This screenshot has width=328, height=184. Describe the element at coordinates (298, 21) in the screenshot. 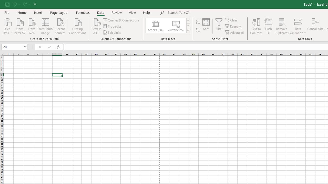

I see `'Data Validation...'` at that location.